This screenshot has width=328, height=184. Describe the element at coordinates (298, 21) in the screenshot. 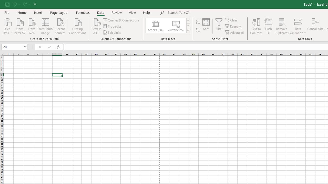

I see `'Data Validation...'` at that location.